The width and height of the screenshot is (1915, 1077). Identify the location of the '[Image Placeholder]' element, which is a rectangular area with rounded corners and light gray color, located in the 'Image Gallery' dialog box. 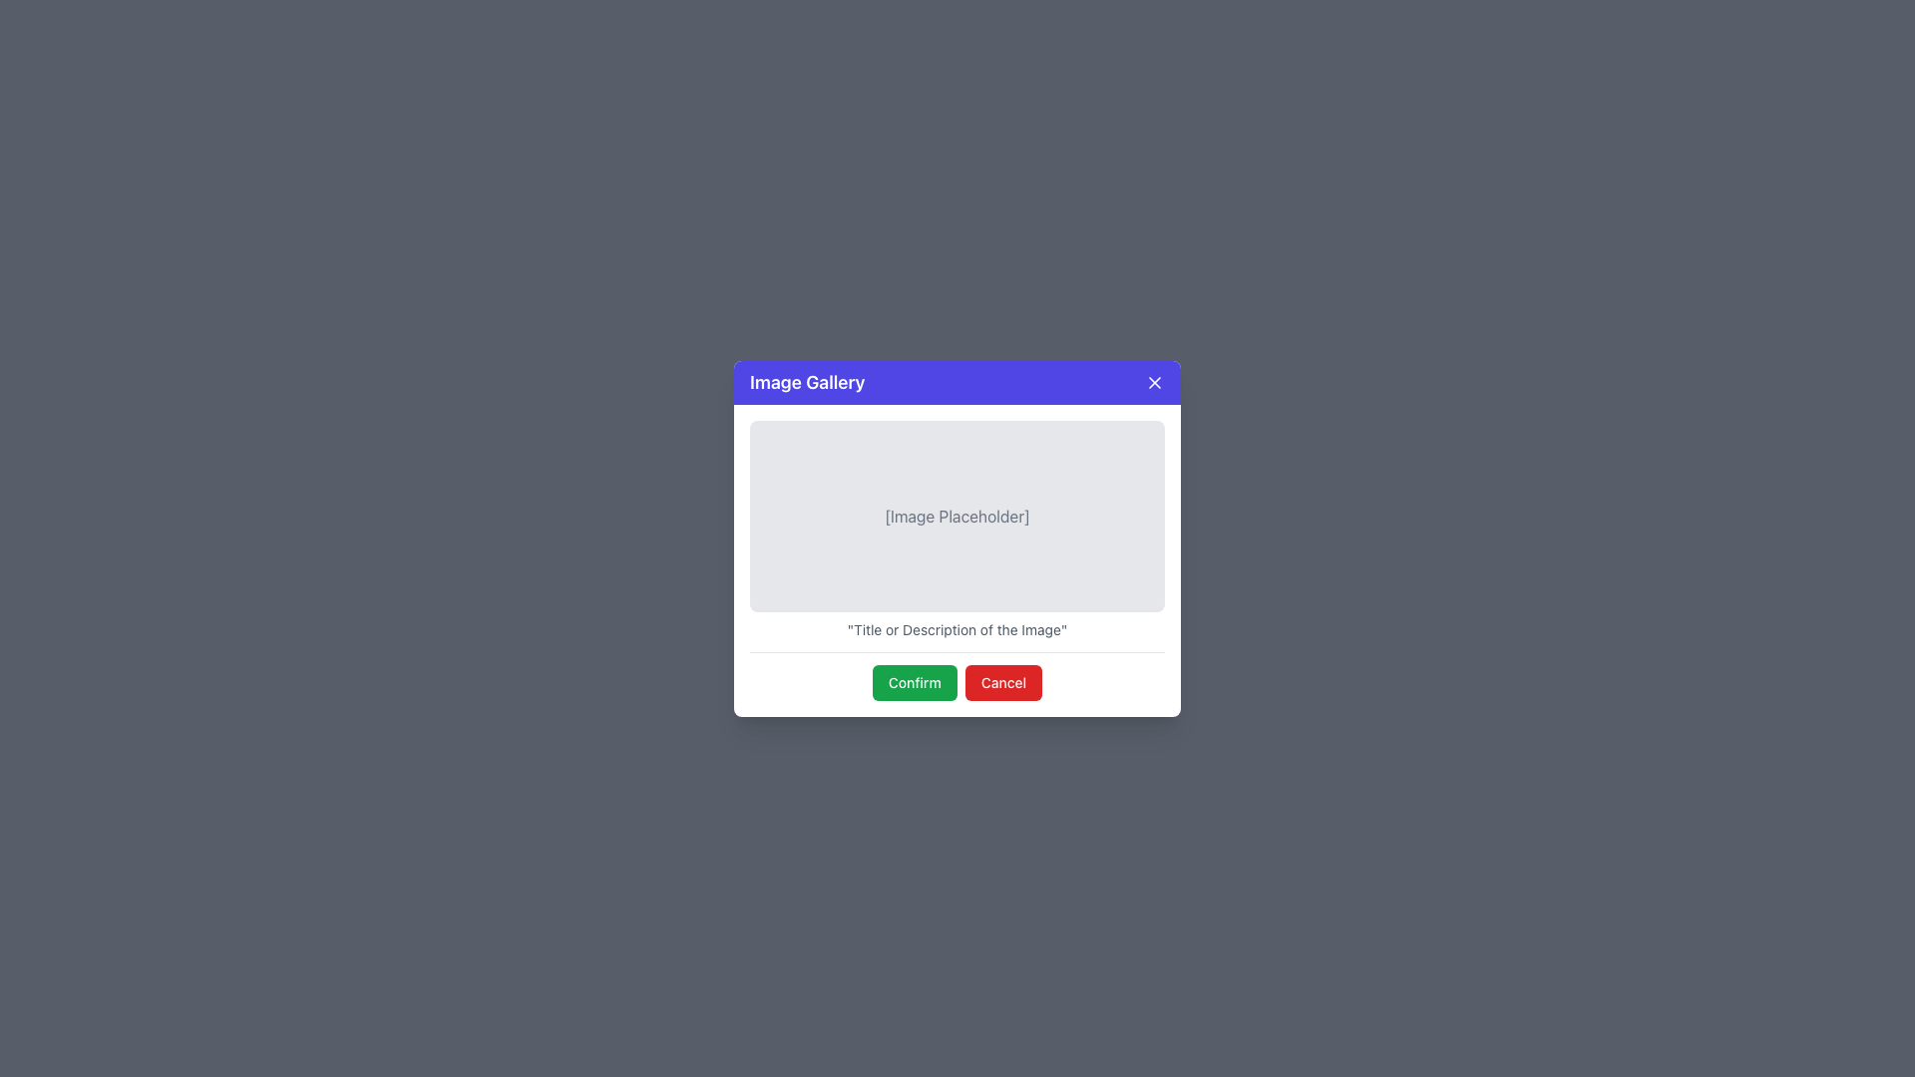
(957, 515).